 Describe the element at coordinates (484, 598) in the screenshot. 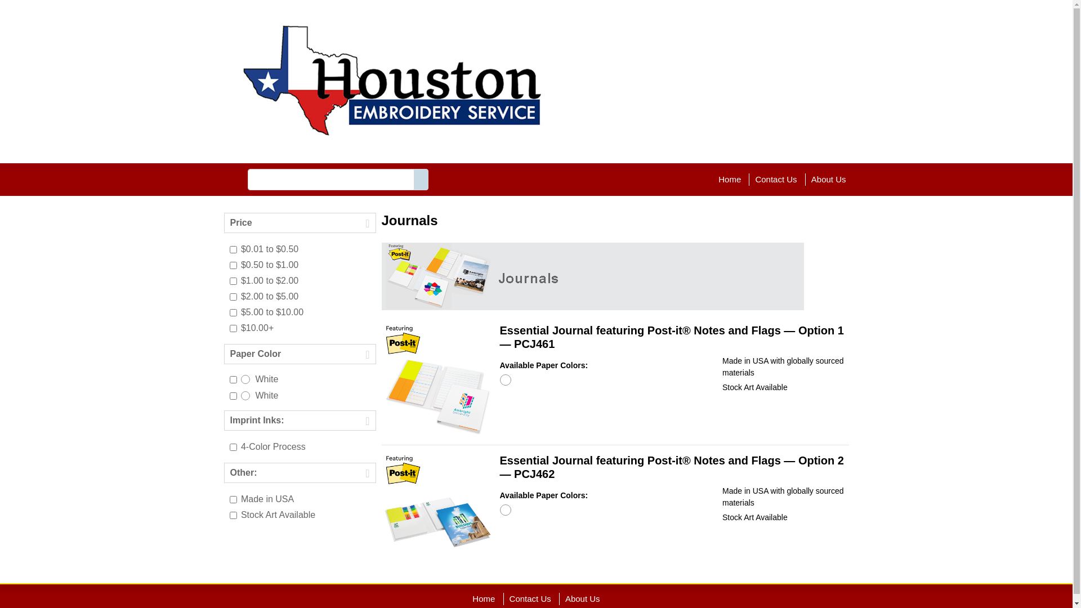

I see `'Home'` at that location.